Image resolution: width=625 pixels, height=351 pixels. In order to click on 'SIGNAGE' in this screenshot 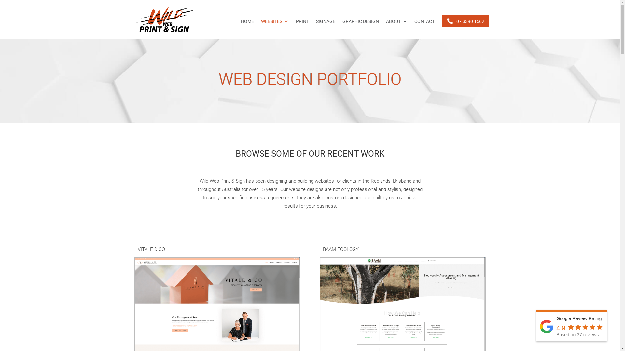, I will do `click(325, 29)`.